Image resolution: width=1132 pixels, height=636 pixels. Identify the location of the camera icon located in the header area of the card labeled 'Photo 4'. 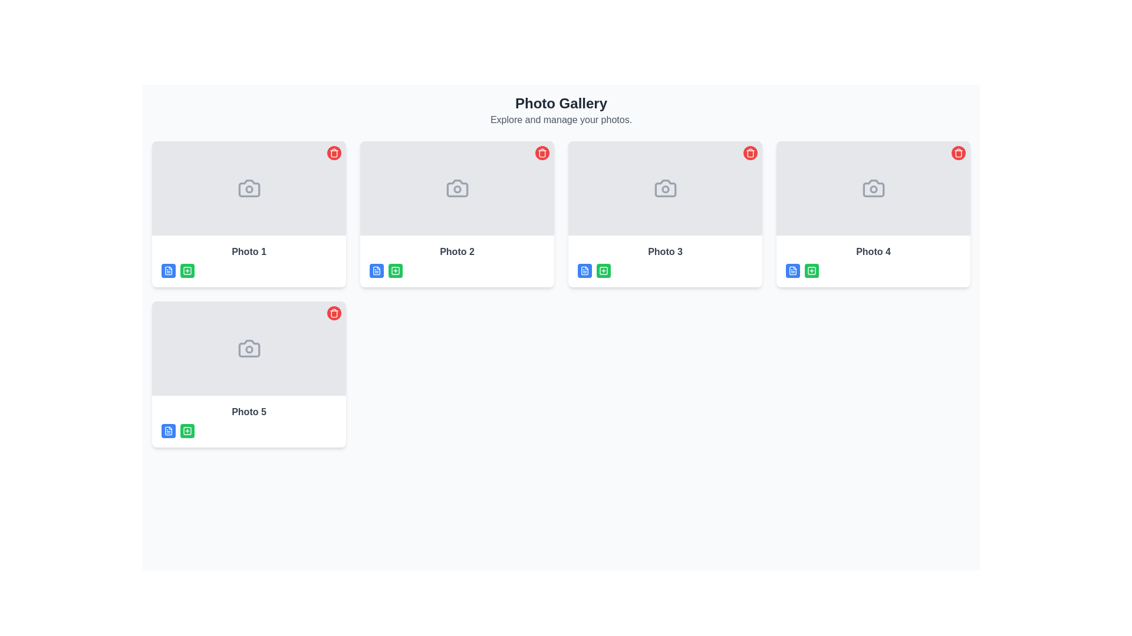
(873, 188).